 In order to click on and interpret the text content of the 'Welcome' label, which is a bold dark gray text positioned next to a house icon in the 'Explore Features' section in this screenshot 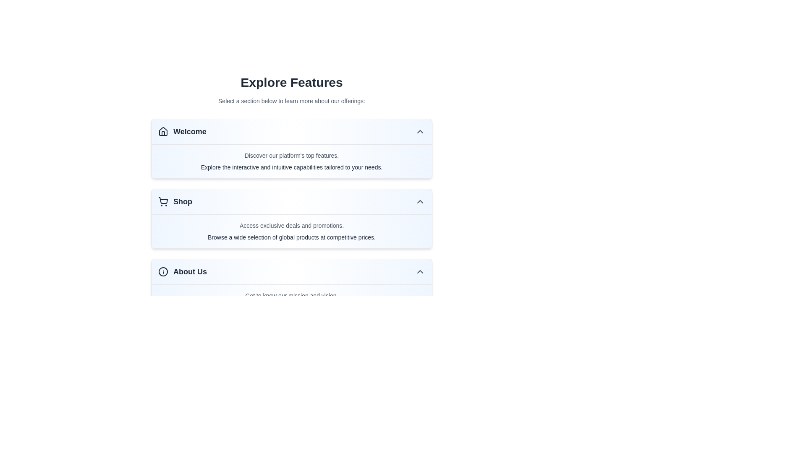, I will do `click(182, 131)`.